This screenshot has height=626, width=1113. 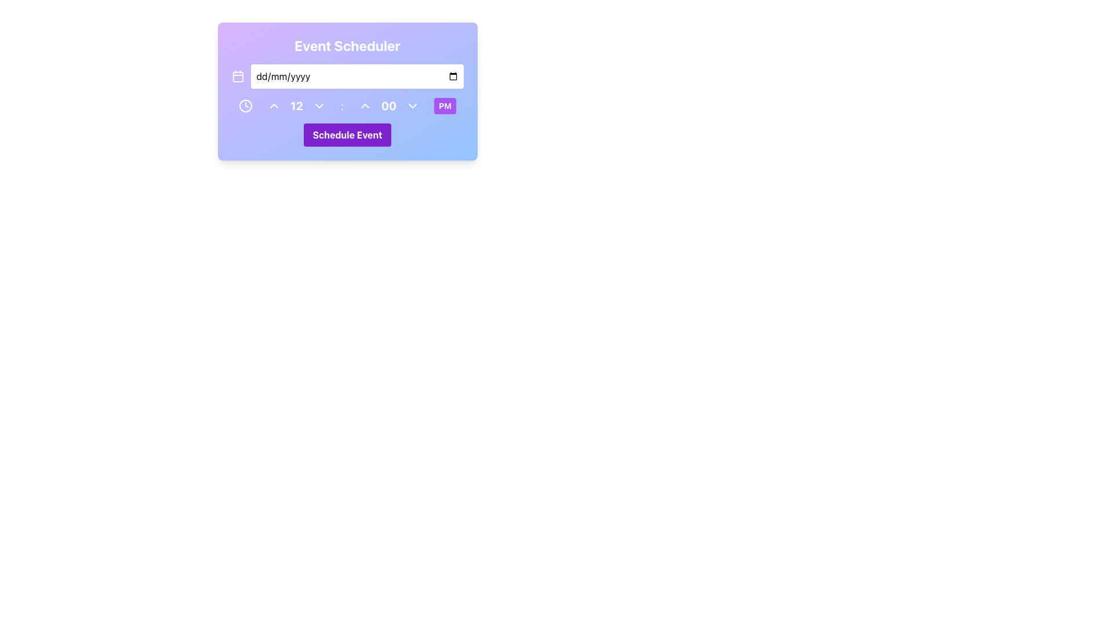 I want to click on the Text Display element that shows '12', which is bold white text located between upward and downward arrows in the time selector of the event scheduler interface, so click(x=296, y=105).